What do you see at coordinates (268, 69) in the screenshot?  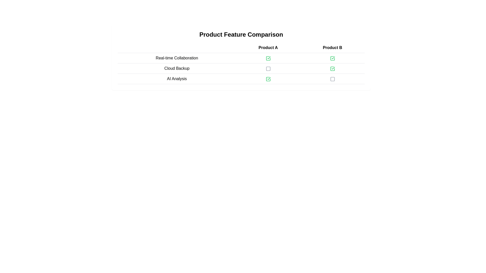 I see `the status icon indicating the unavailability of 'Cloud Backup' for 'Product A' in the second row of the comparison table` at bounding box center [268, 69].